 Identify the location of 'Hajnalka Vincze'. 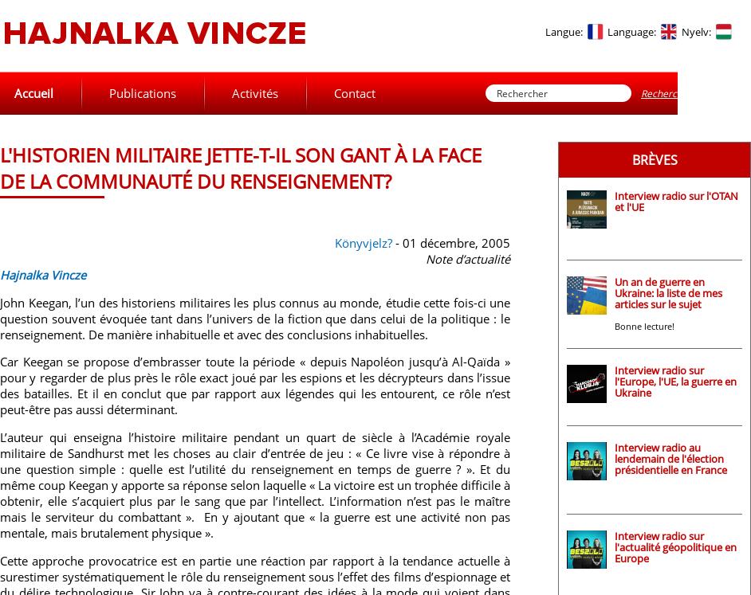
(0, 273).